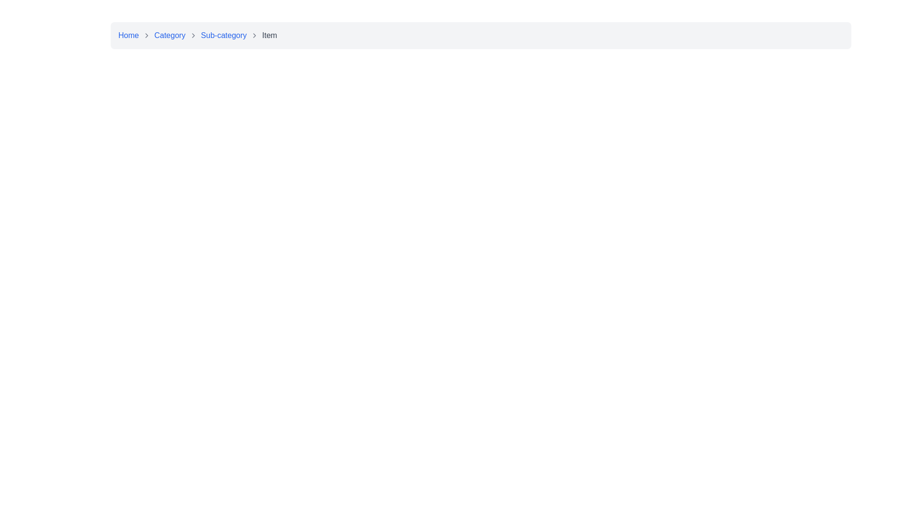 The height and width of the screenshot is (520, 924). What do you see at coordinates (254, 35) in the screenshot?
I see `the right-facing chevron icon in the breadcrumb navigation bar, located between 'Sub-category' and 'Item'` at bounding box center [254, 35].